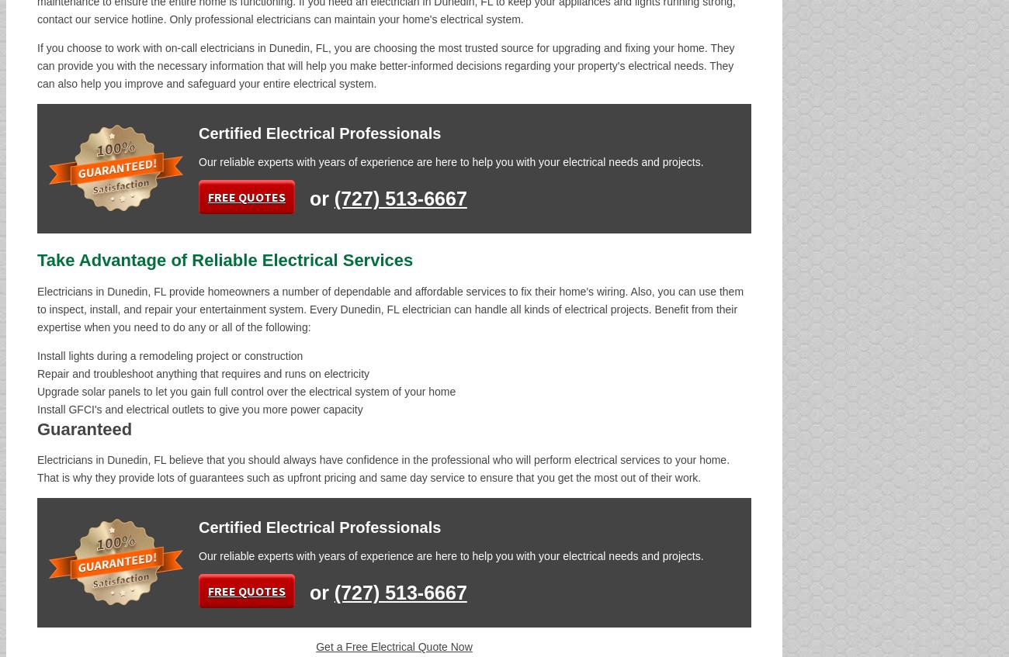  I want to click on 'Guaranteed', so click(84, 429).